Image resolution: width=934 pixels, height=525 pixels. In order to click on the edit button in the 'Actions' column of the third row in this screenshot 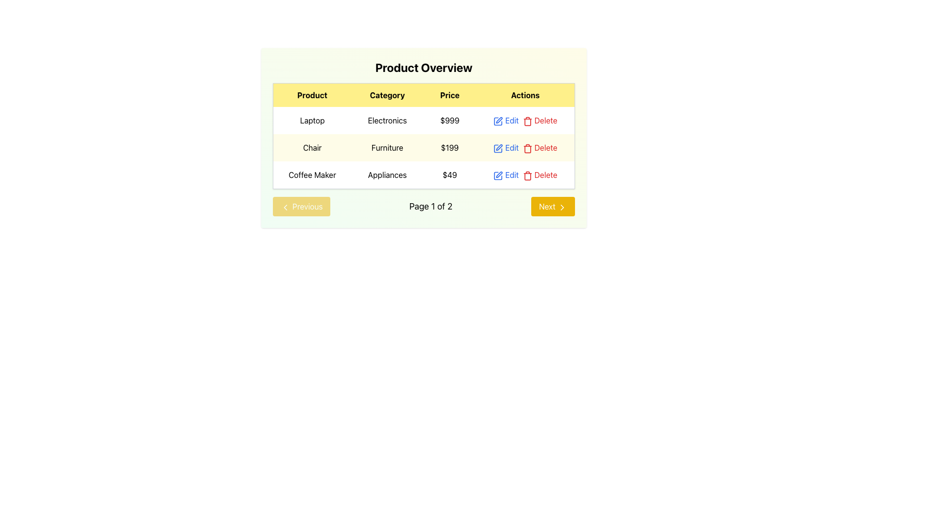, I will do `click(506, 174)`.